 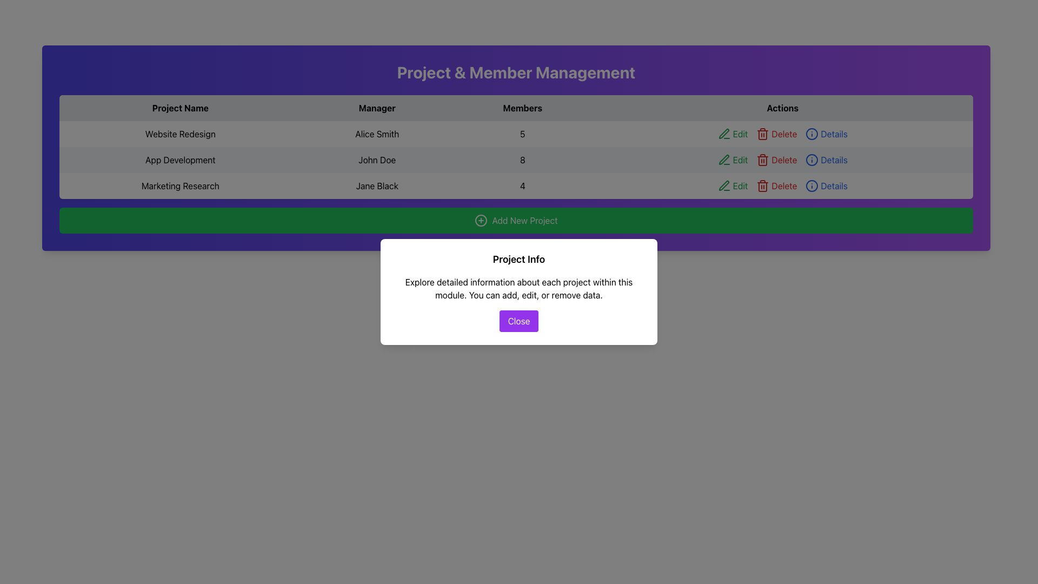 I want to click on the static text displaying the number of members associated with the project managed by Alice Smith, located in the third cell of the second row of the table, so click(x=522, y=133).